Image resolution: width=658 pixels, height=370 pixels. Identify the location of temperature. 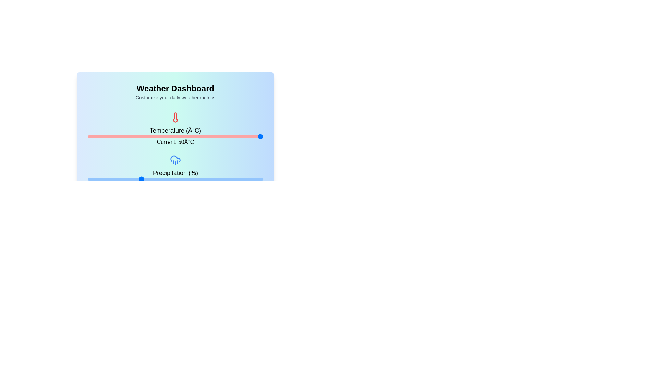
(255, 136).